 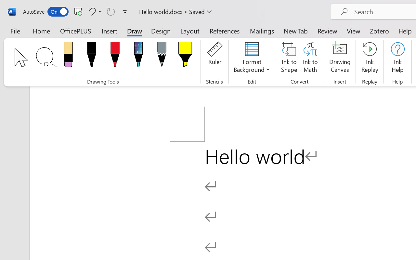 I want to click on 'New Tab', so click(x=295, y=31).